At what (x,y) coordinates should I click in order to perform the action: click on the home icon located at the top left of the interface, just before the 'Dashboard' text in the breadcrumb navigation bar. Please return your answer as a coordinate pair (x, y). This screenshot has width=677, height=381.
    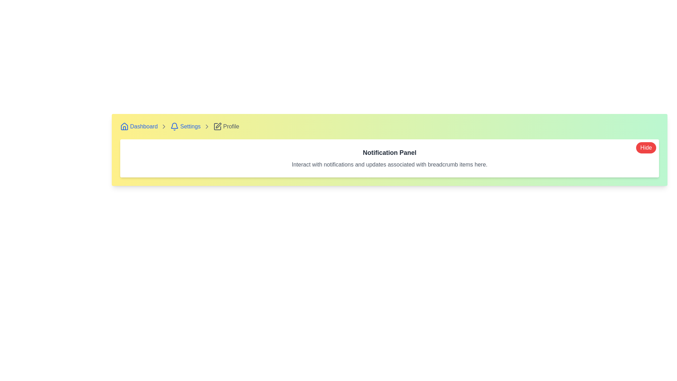
    Looking at the image, I should click on (124, 126).